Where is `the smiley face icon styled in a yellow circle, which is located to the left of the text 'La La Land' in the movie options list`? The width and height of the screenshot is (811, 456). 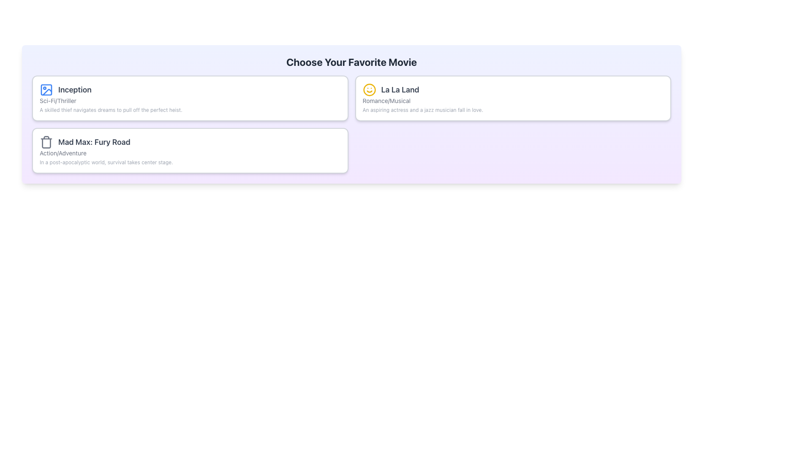 the smiley face icon styled in a yellow circle, which is located to the left of the text 'La La Land' in the movie options list is located at coordinates (369, 90).